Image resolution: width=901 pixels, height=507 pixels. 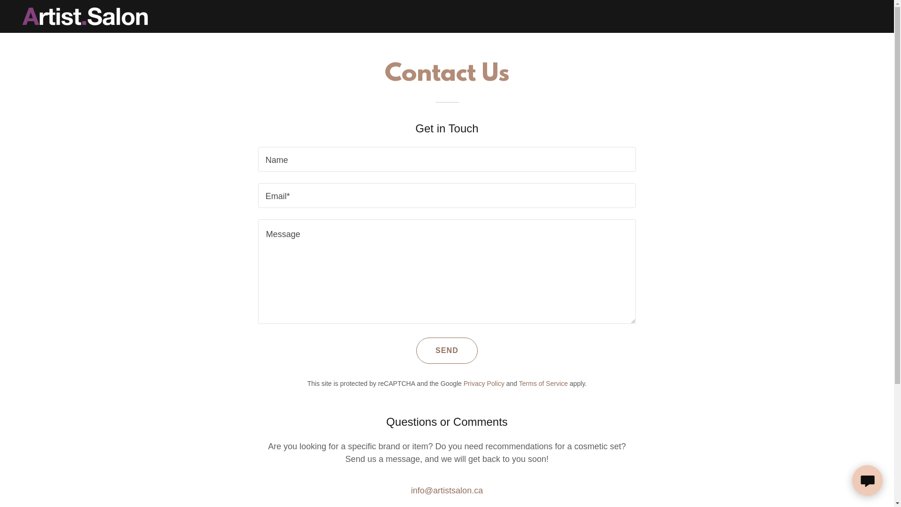 What do you see at coordinates (484, 384) in the screenshot?
I see `'Privacy Policy'` at bounding box center [484, 384].